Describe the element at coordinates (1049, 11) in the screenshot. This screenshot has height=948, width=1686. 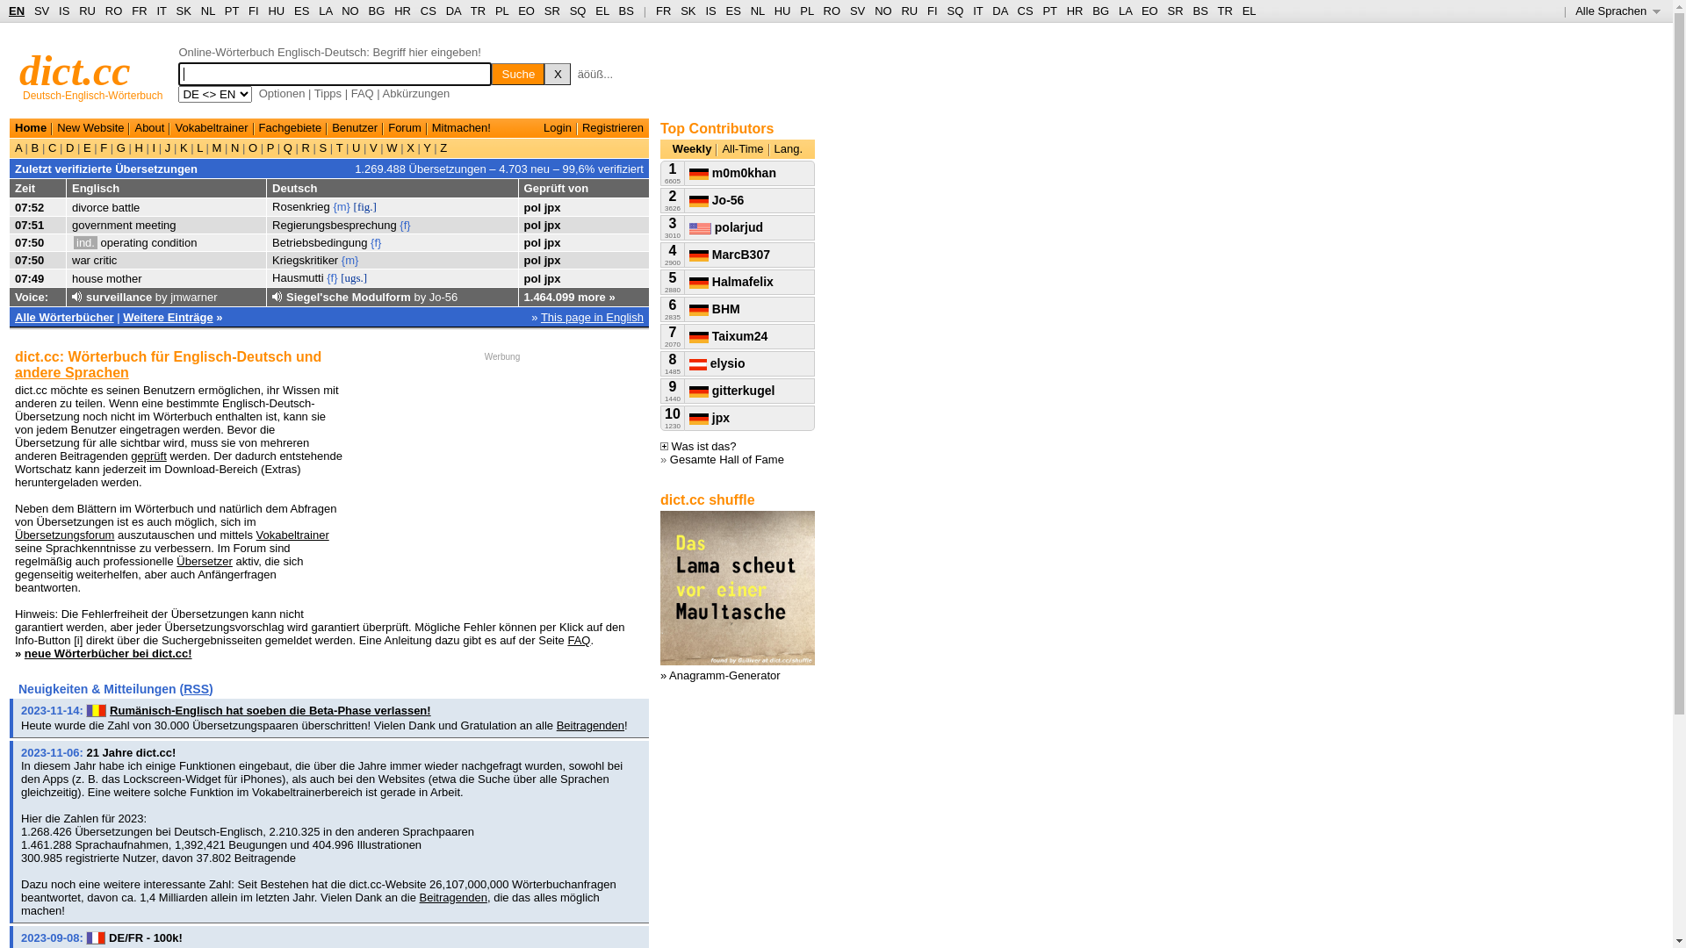
I see `'PT'` at that location.